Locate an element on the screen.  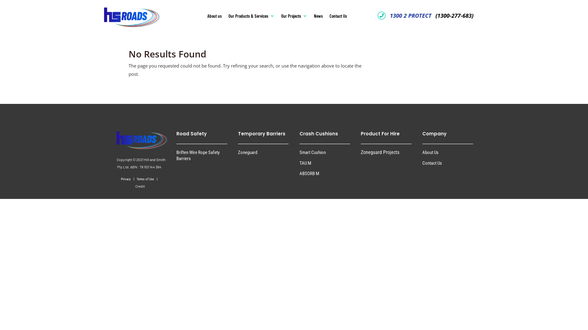
'Terms of Use' is located at coordinates (145, 179).